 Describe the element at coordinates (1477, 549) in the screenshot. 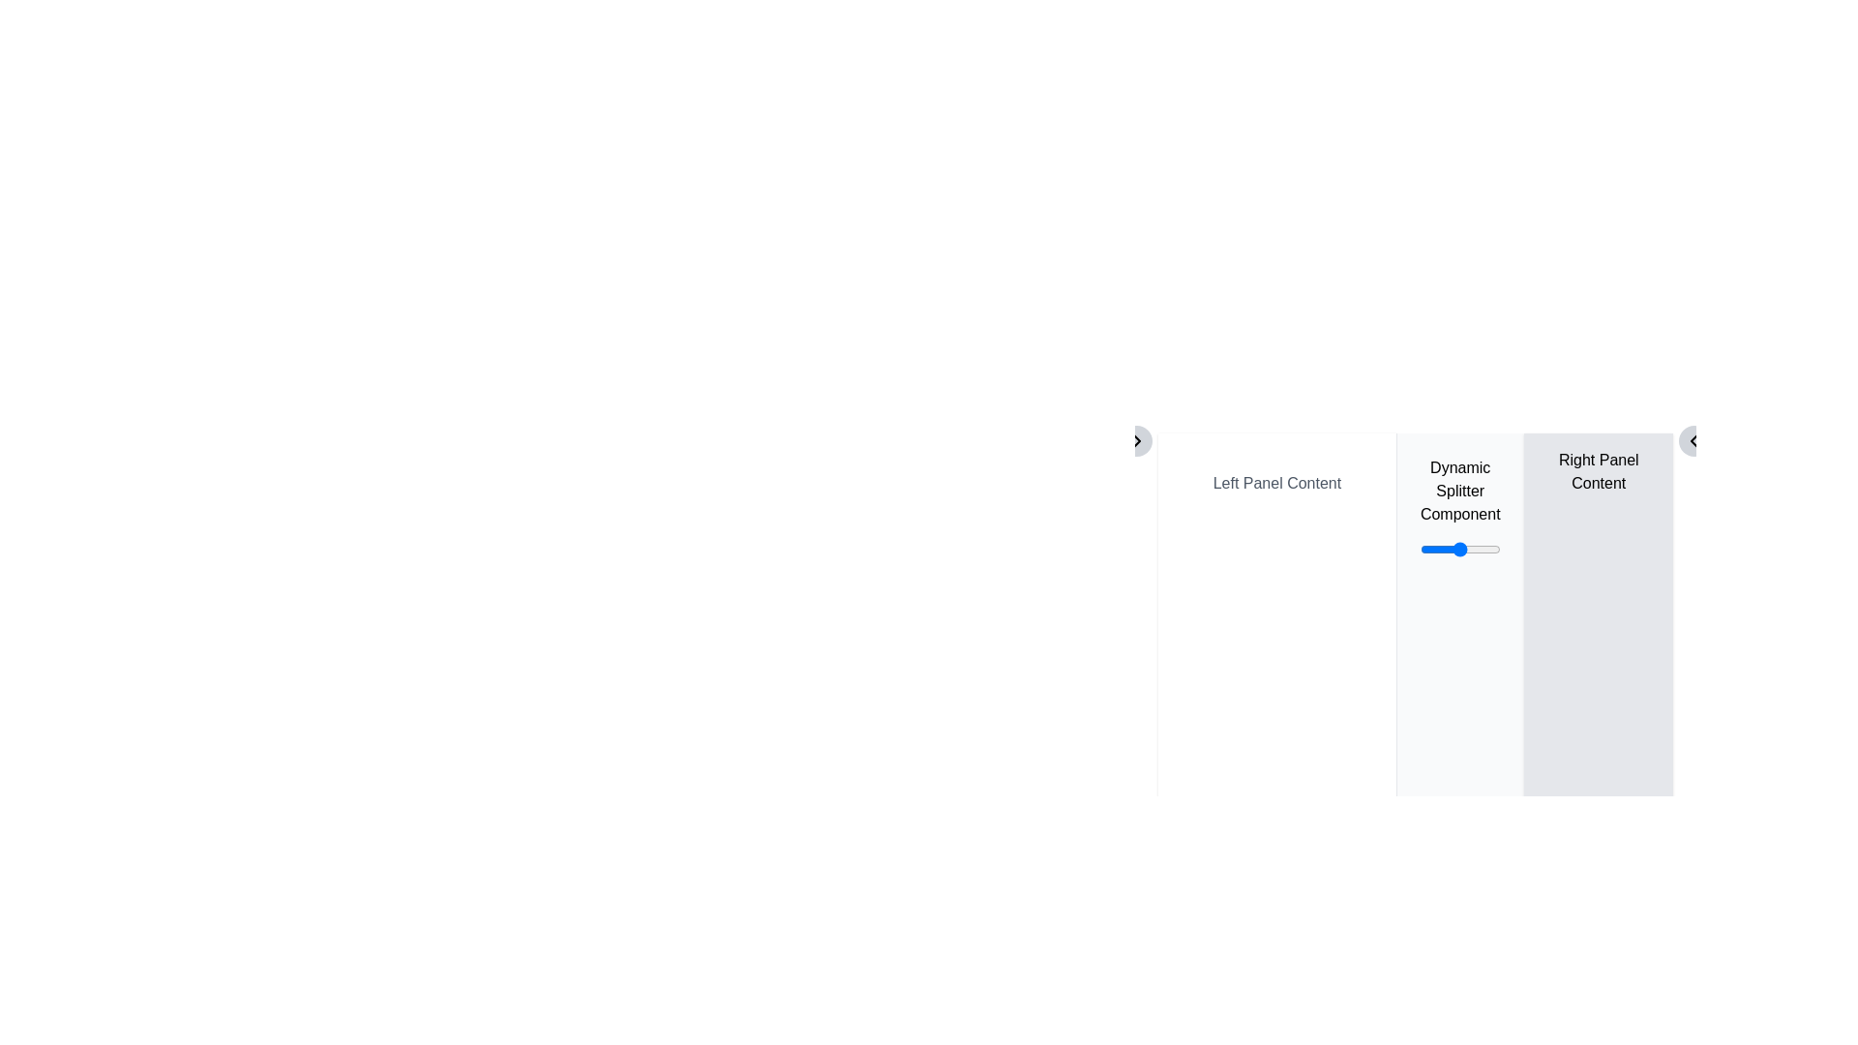

I see `the slider value` at that location.